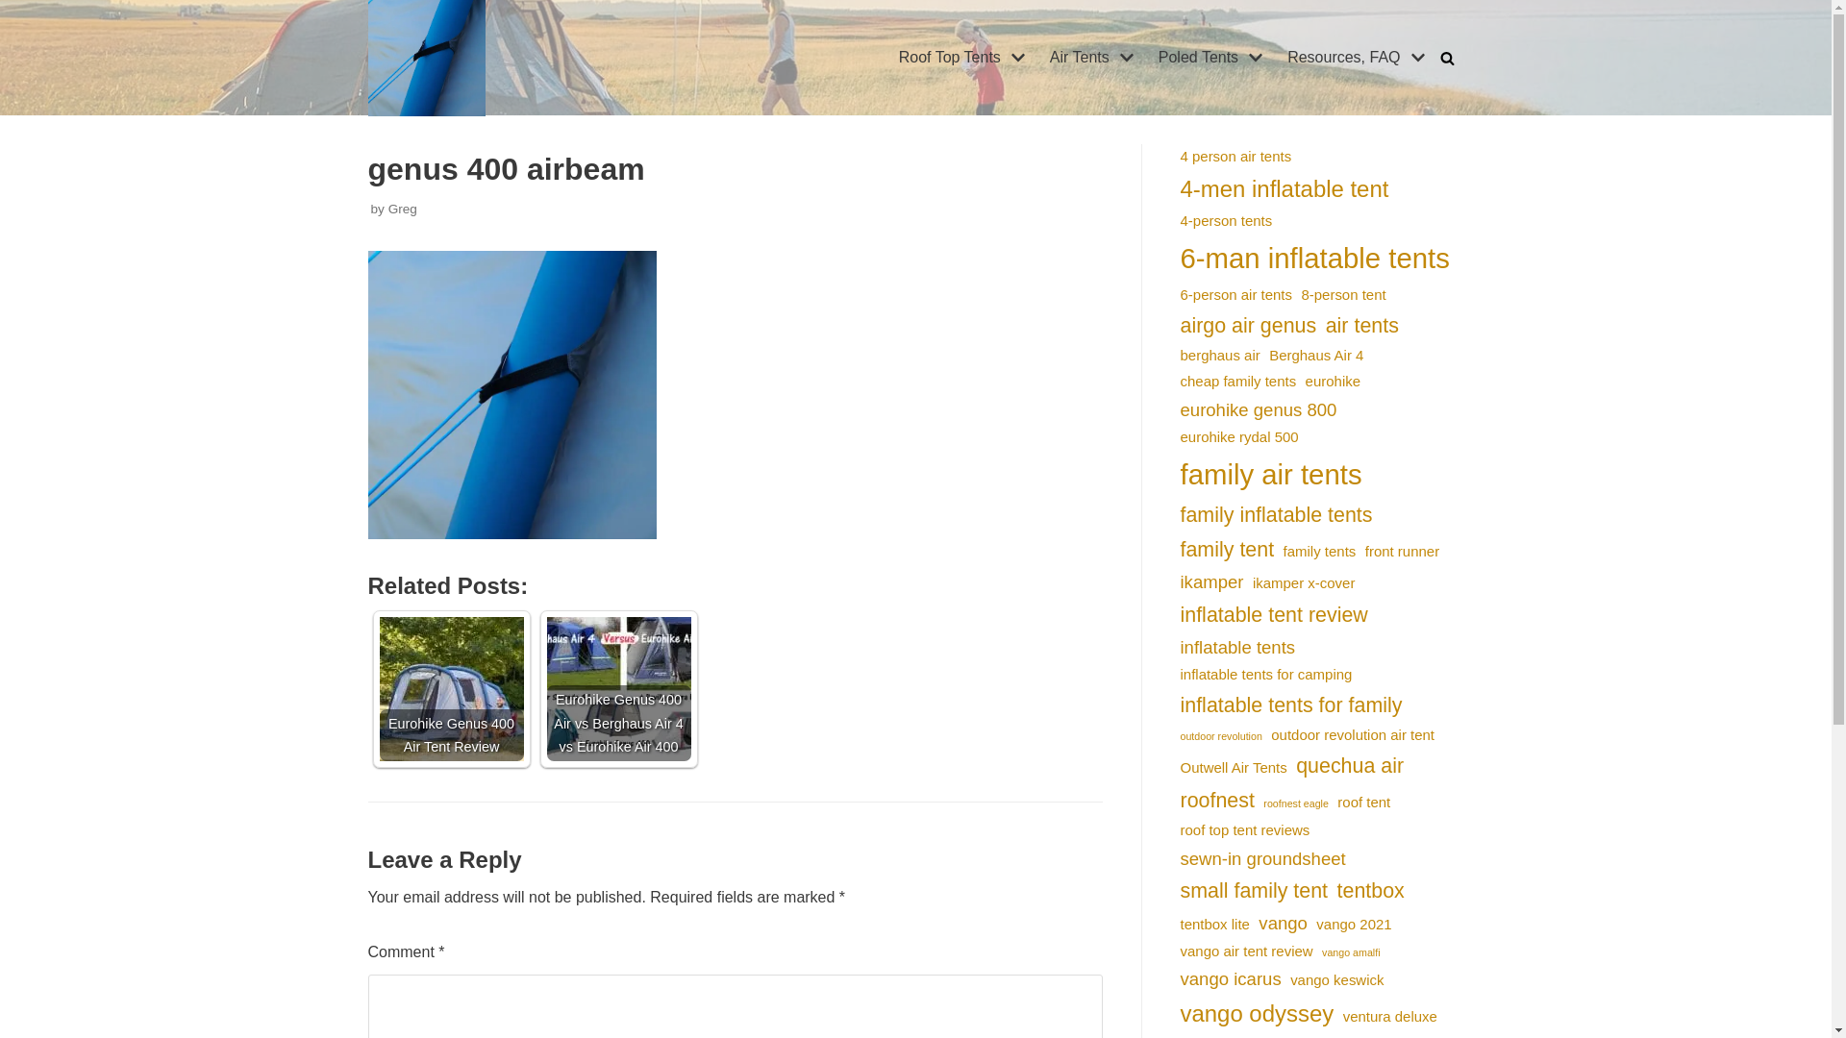 Image resolution: width=1846 pixels, height=1038 pixels. Describe the element at coordinates (1180, 950) in the screenshot. I see `'vango air tent review'` at that location.